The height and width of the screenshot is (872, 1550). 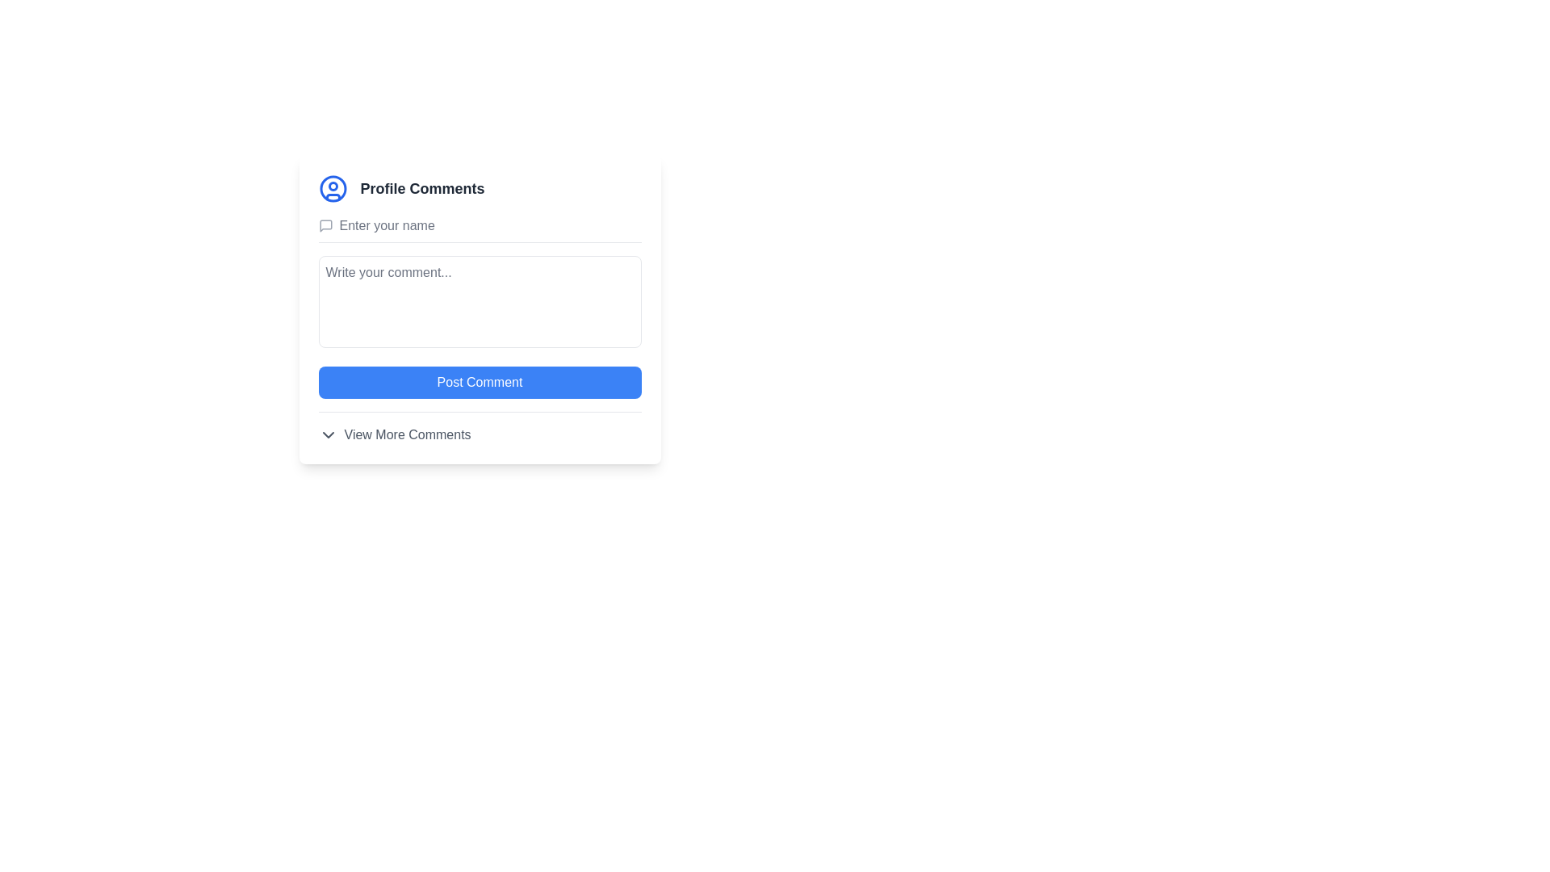 I want to click on the 'Profile Comments' text label, which is styled with a large, bold font in dark gray and serves as the header for a content section, so click(x=422, y=188).